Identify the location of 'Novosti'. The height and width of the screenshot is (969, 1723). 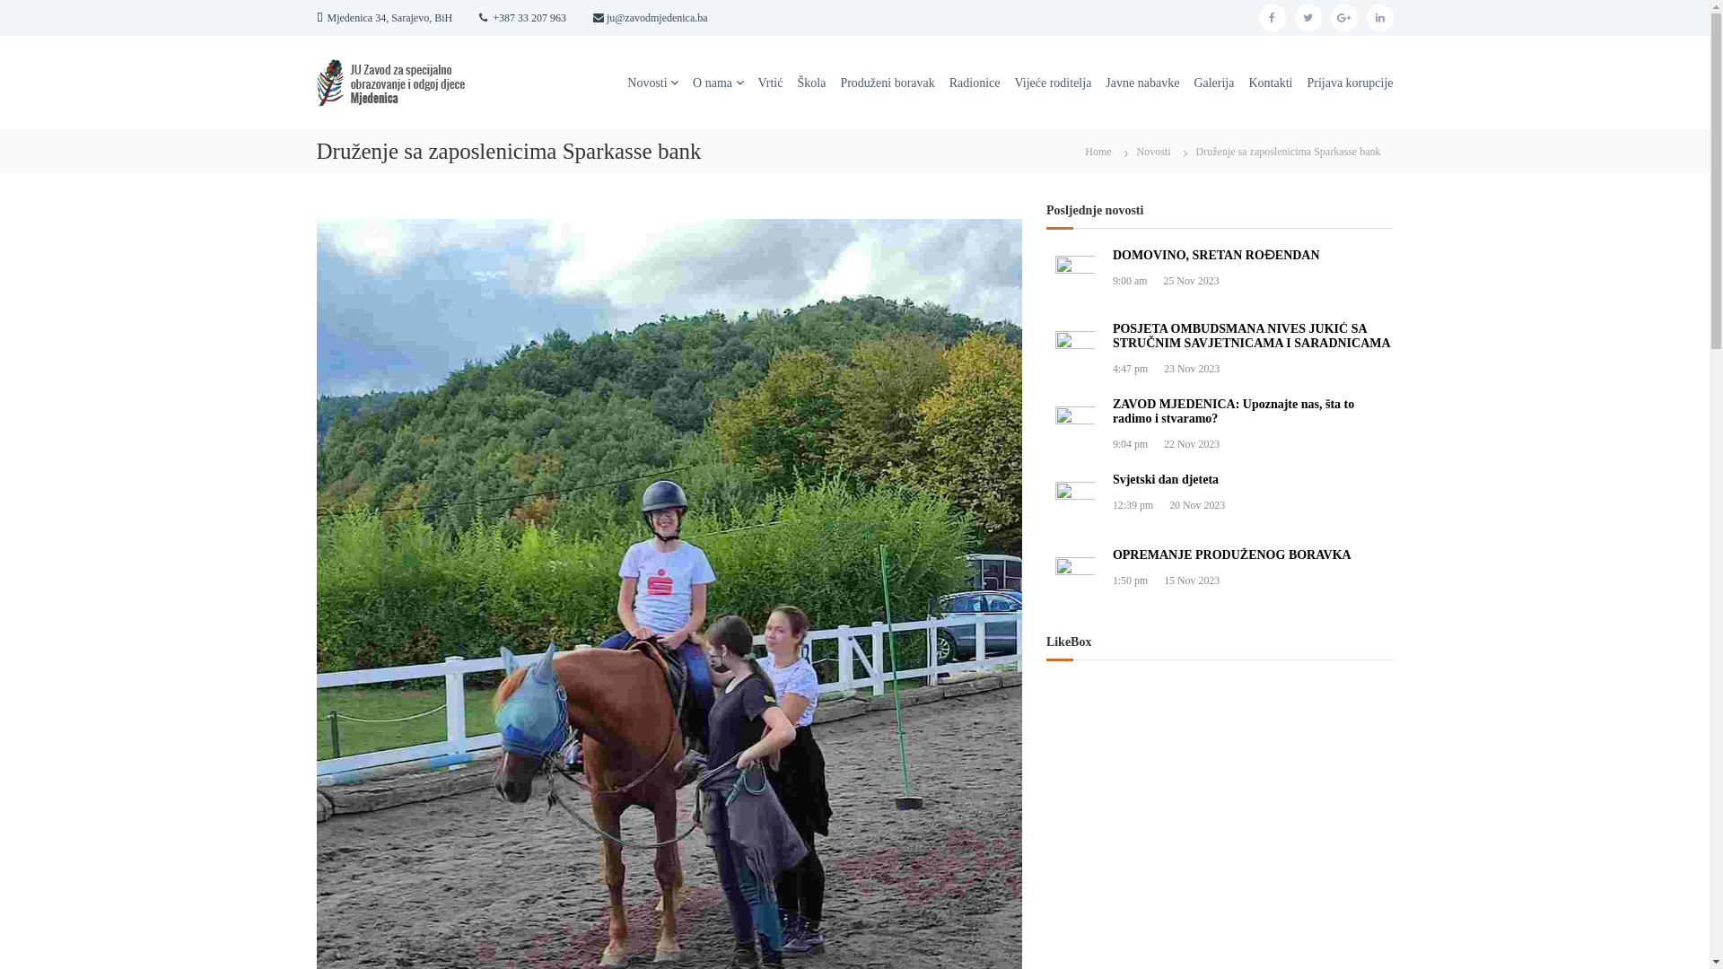
(646, 82).